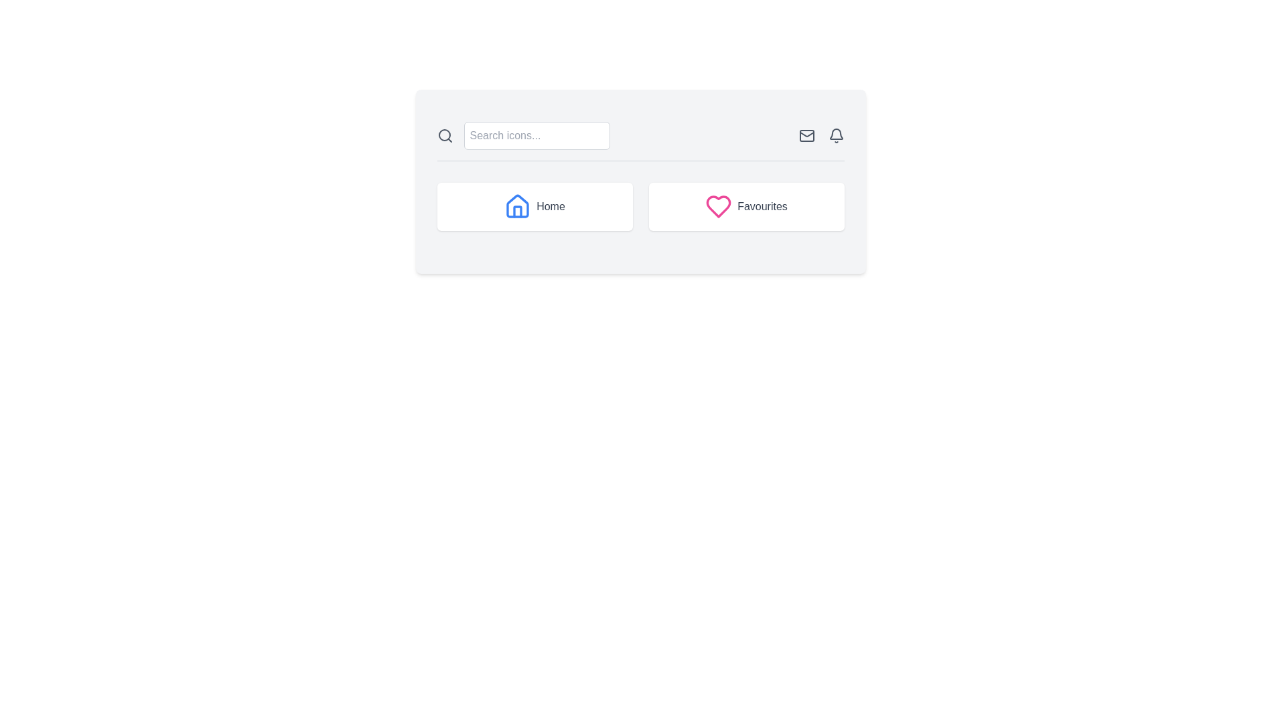 This screenshot has height=723, width=1286. What do you see at coordinates (718, 206) in the screenshot?
I see `the pink heart-shaped vector graphic located beneath the 'Favourites' text label in the 'Favourites' button area` at bounding box center [718, 206].